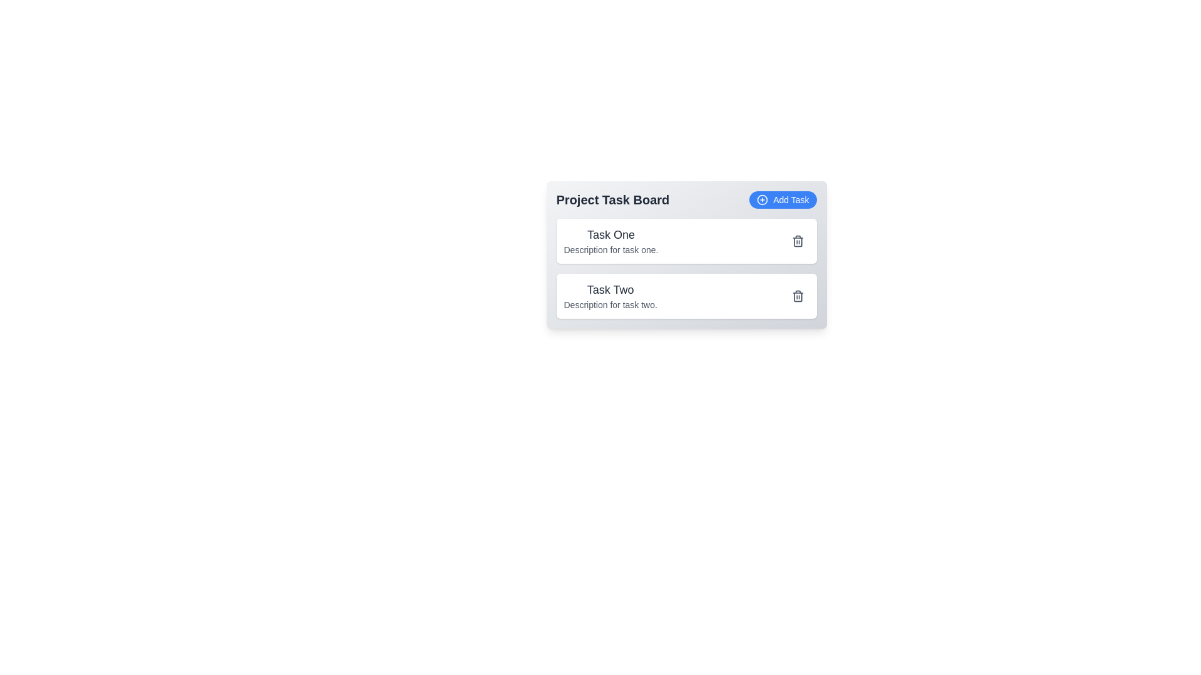  I want to click on the text label or heading that serves as the title for the second task in the task list, positioned above the description text for 'Task Two', so click(611, 289).